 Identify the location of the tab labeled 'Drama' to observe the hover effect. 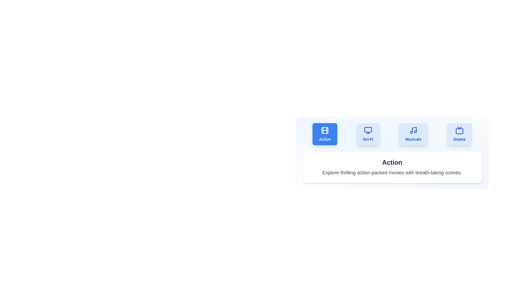
(459, 134).